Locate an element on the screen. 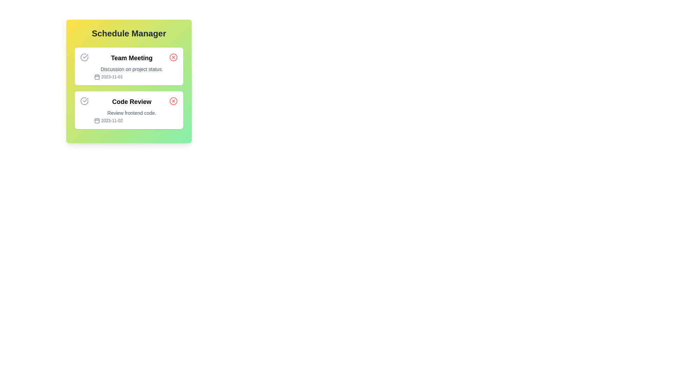  the schedule information component displaying 'Team Meeting' with the date '2023-11-01' is located at coordinates (131, 66).